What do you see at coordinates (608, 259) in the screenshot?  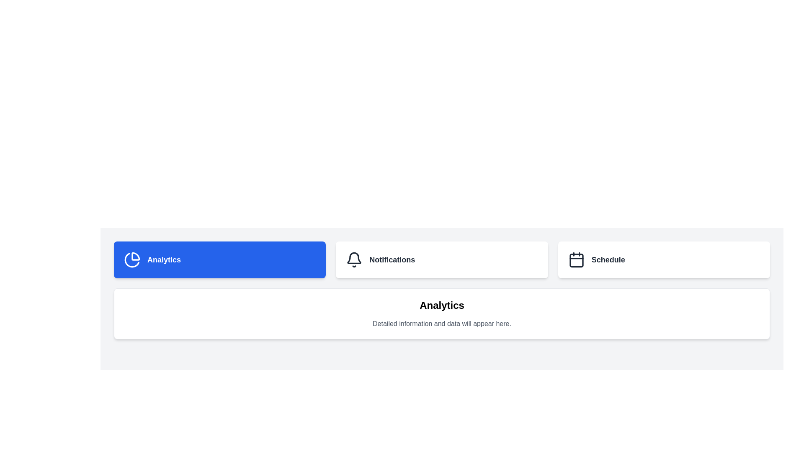 I see `the text label displaying 'Schedule'` at bounding box center [608, 259].